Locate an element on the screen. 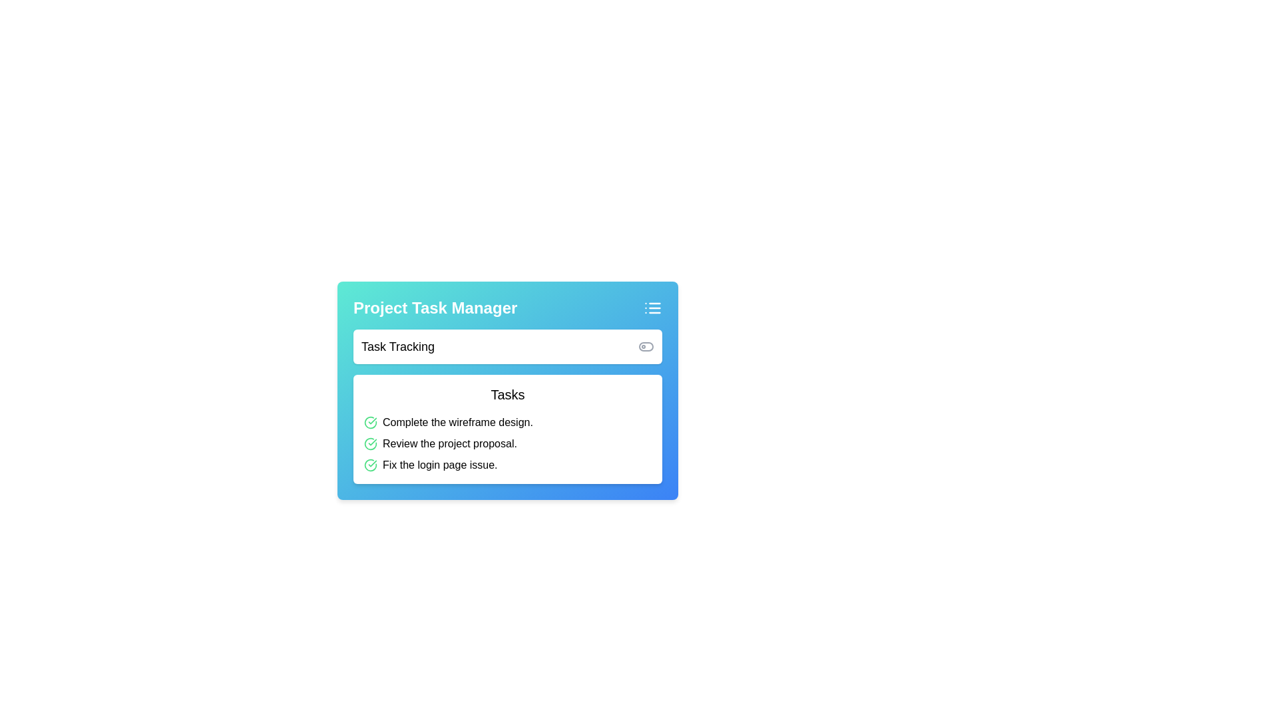 This screenshot has width=1278, height=719. text of the second list item in the 'Tasks' section, which contains the text 'Review the project proposal.' is located at coordinates (450, 444).